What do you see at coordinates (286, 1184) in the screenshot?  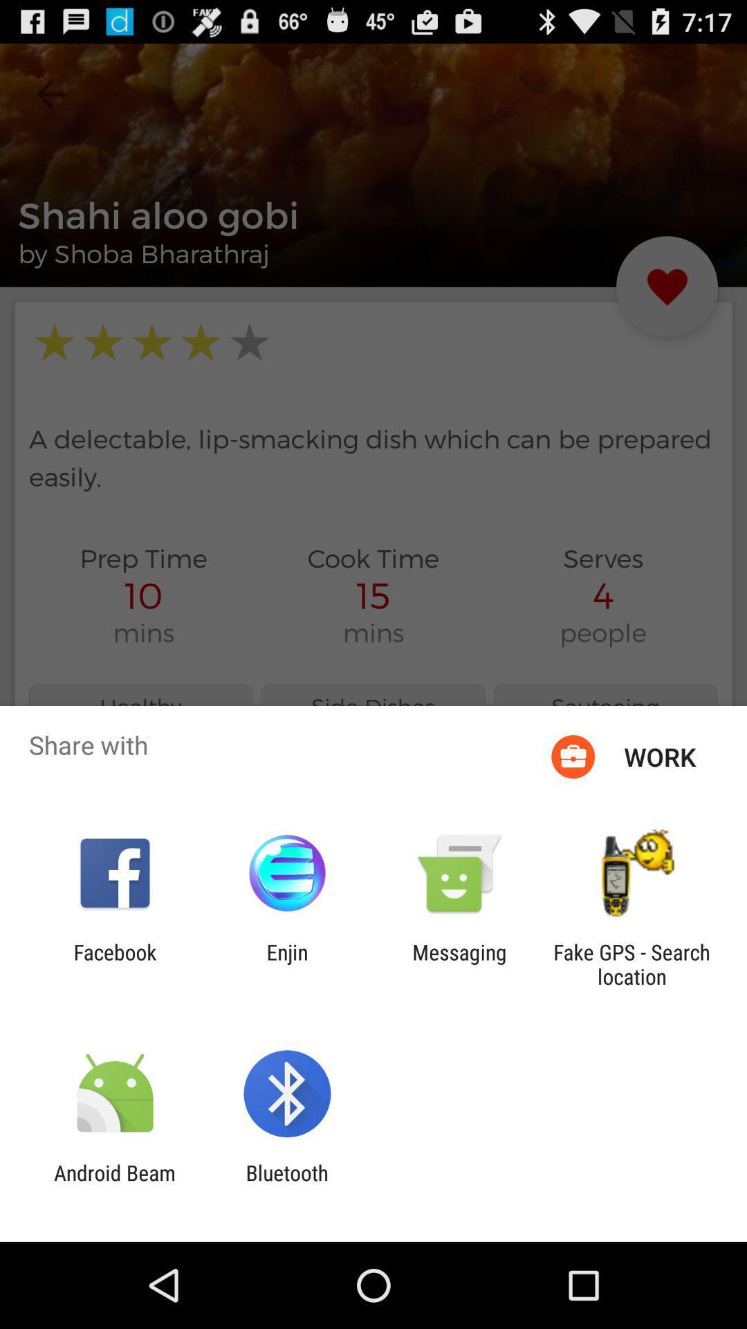 I see `the bluetooth item` at bounding box center [286, 1184].